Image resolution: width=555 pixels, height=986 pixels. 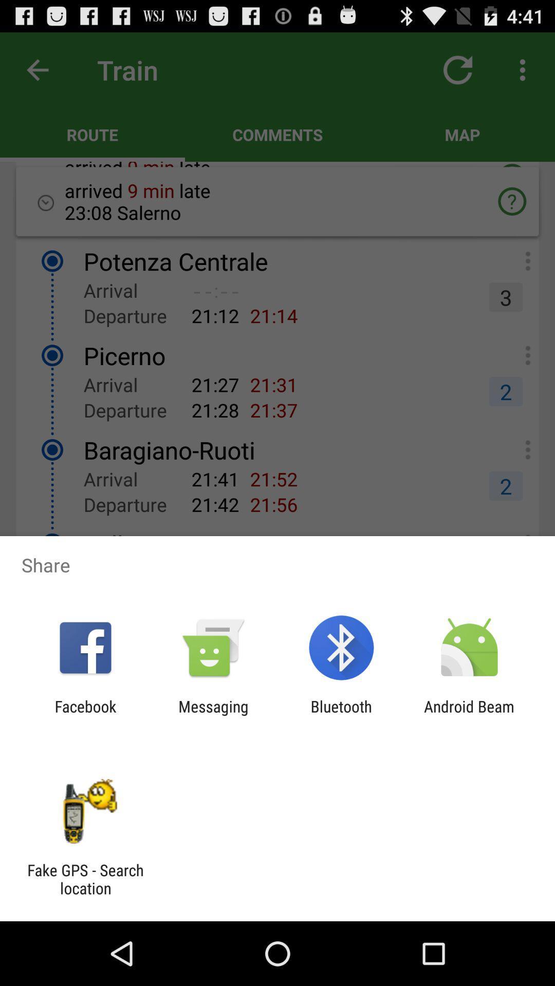 I want to click on the item to the right of the bluetooth, so click(x=469, y=715).